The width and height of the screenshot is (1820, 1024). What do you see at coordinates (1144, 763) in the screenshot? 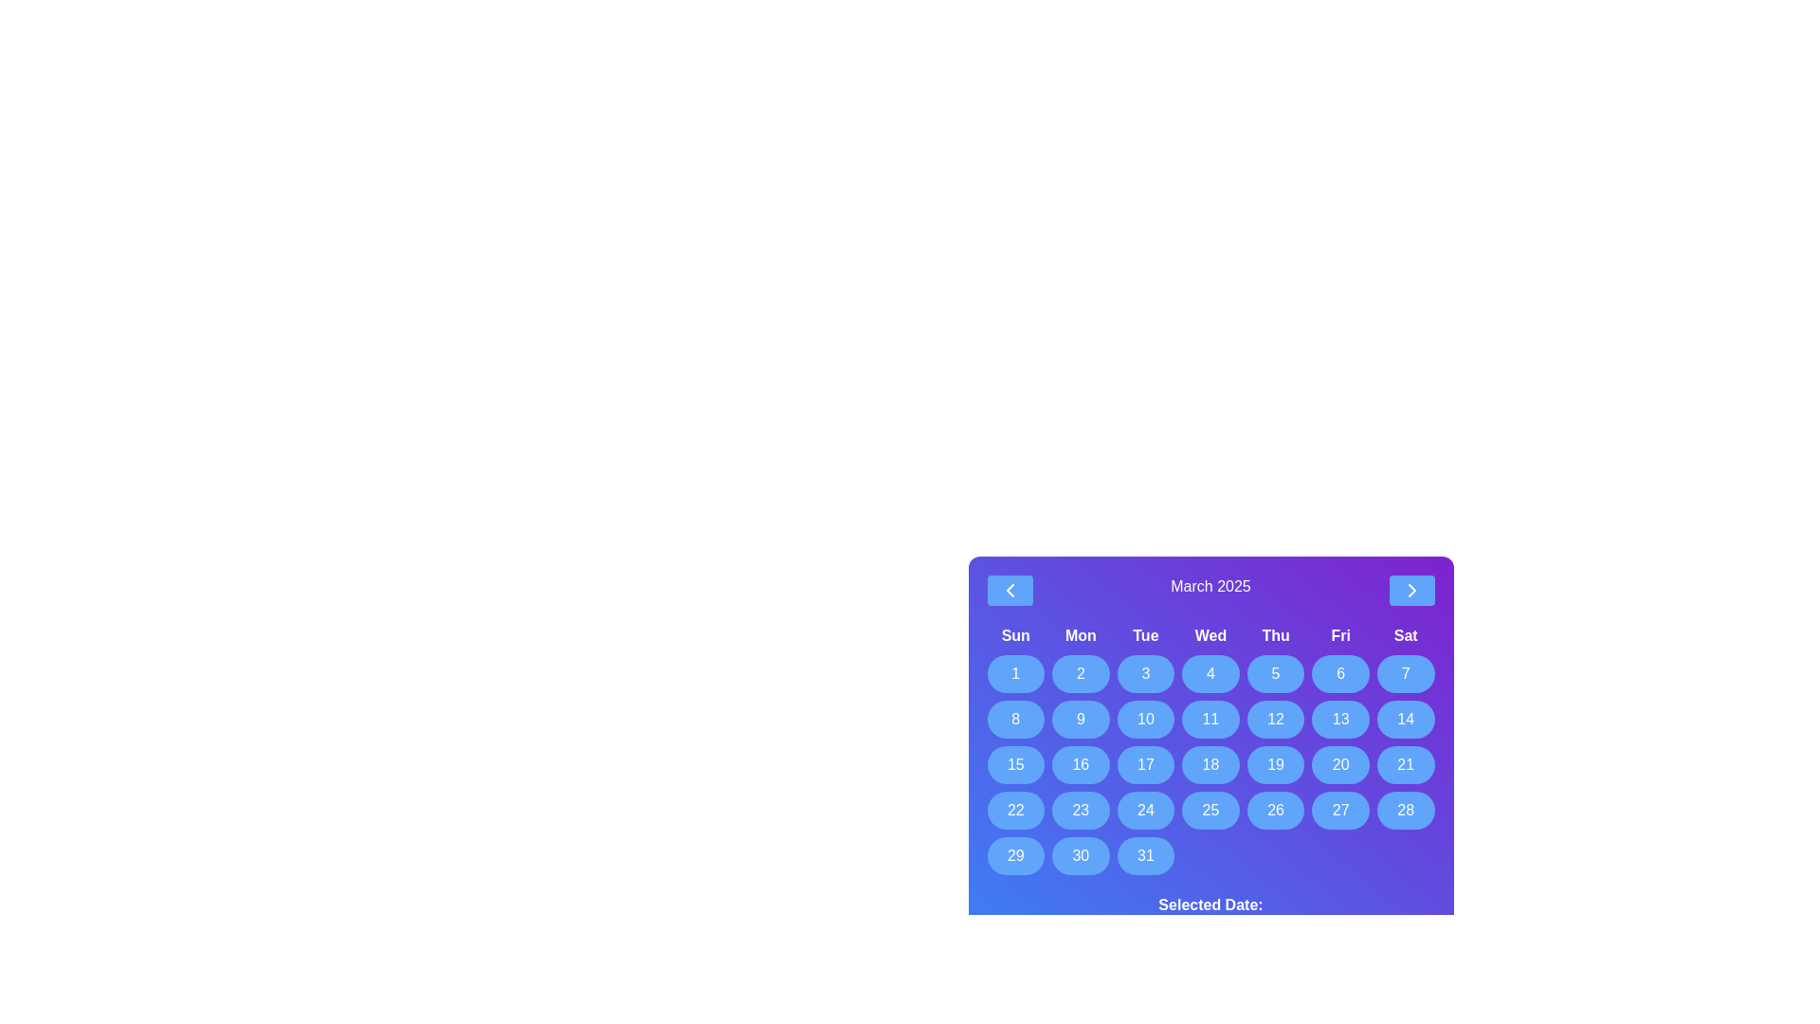
I see `the button representing the 17th day in the calendar view` at bounding box center [1144, 763].